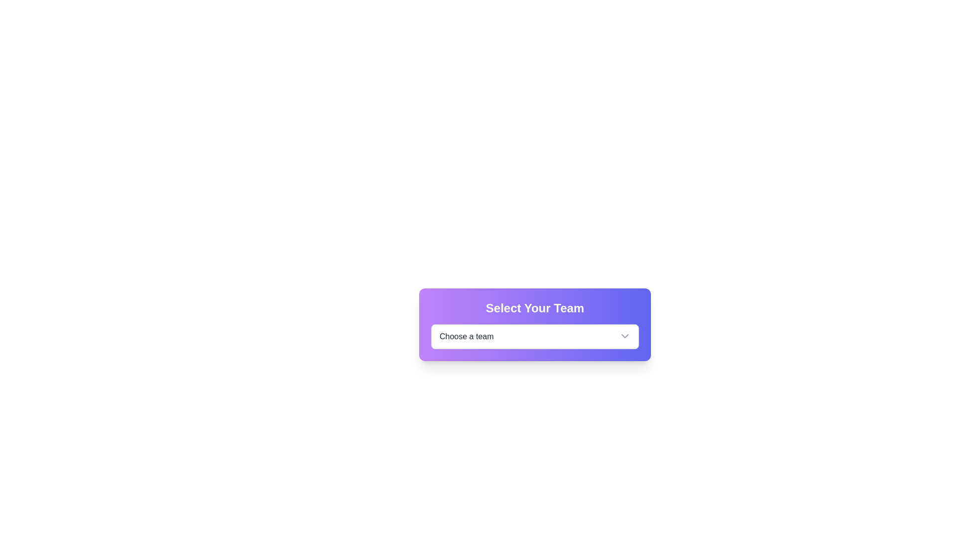 The width and height of the screenshot is (957, 538). I want to click on the downward-facing chevron icon, styled in gray, located at the rightmost part of the 'Choose a team' dropdown input field, so click(624, 336).